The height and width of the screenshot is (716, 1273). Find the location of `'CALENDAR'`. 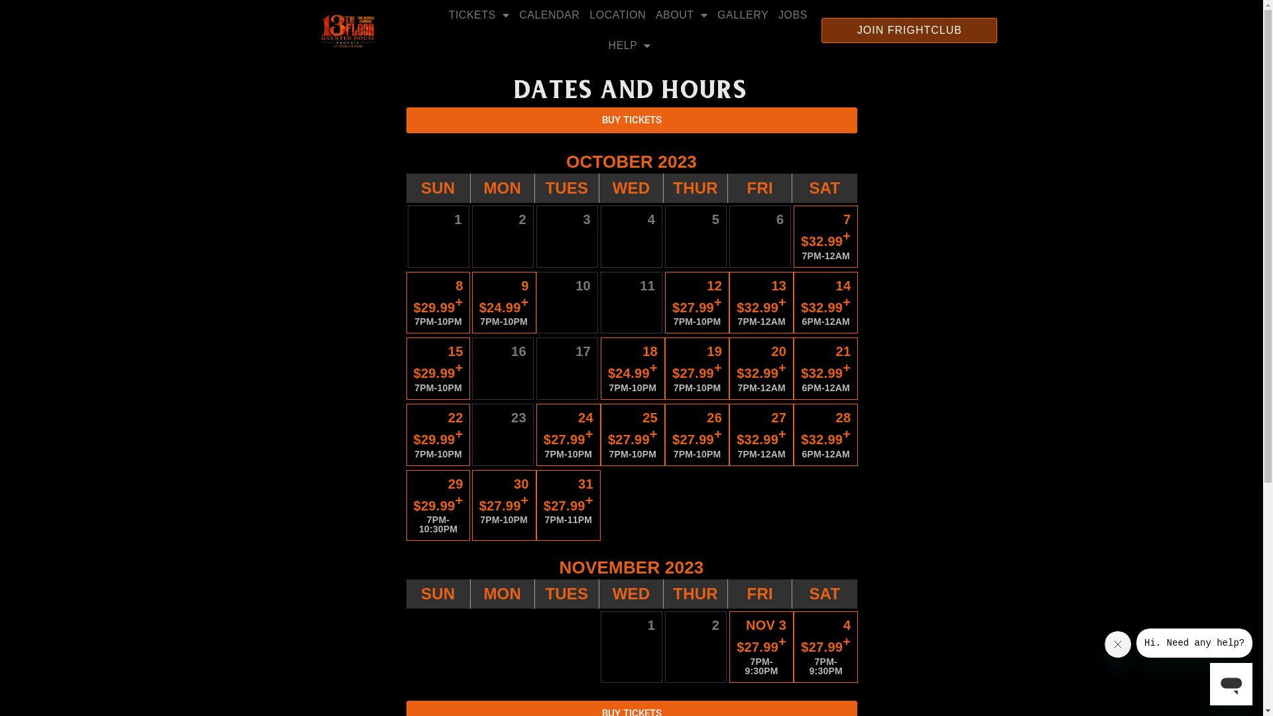

'CALENDAR' is located at coordinates (549, 15).